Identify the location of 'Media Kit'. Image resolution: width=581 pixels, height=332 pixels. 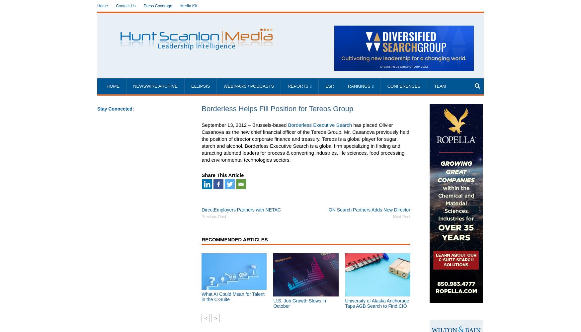
(188, 6).